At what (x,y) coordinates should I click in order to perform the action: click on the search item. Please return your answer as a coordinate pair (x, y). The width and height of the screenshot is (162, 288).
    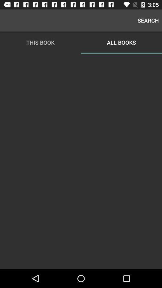
    Looking at the image, I should click on (148, 20).